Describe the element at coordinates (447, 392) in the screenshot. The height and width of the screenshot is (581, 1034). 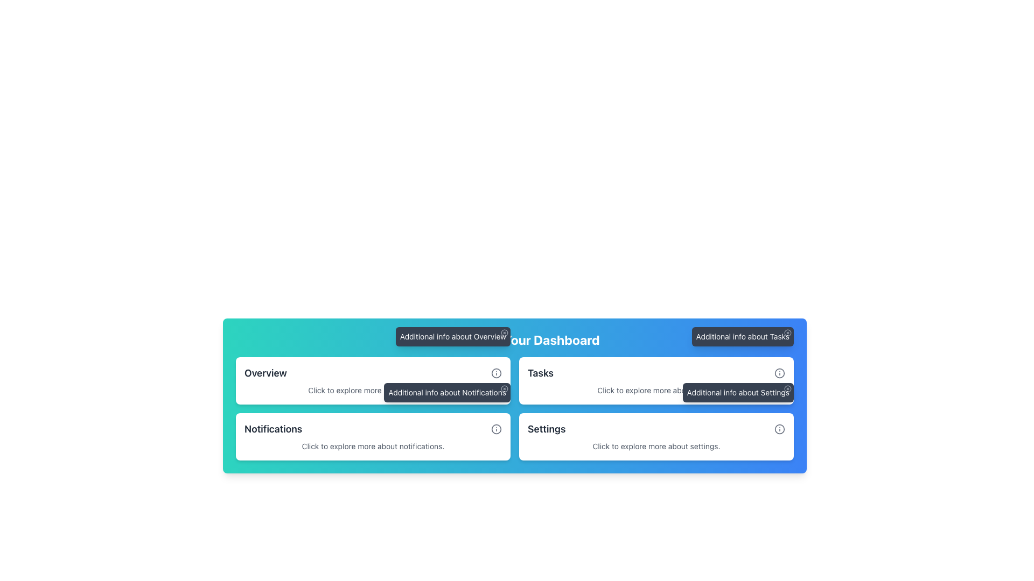
I see `the tooltip that provides additional information about the 'Notifications' section, located above it and slightly overlapping its title` at that location.